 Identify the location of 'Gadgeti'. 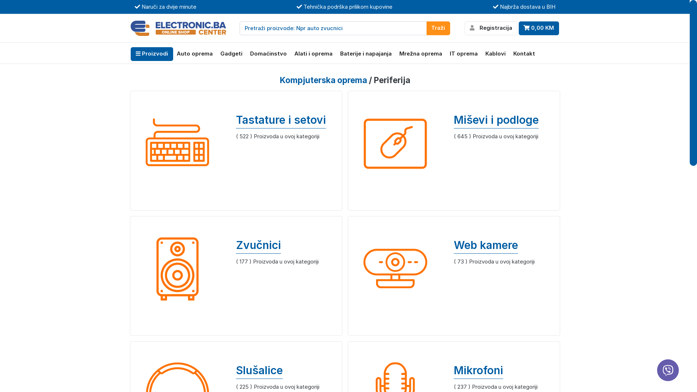
(231, 54).